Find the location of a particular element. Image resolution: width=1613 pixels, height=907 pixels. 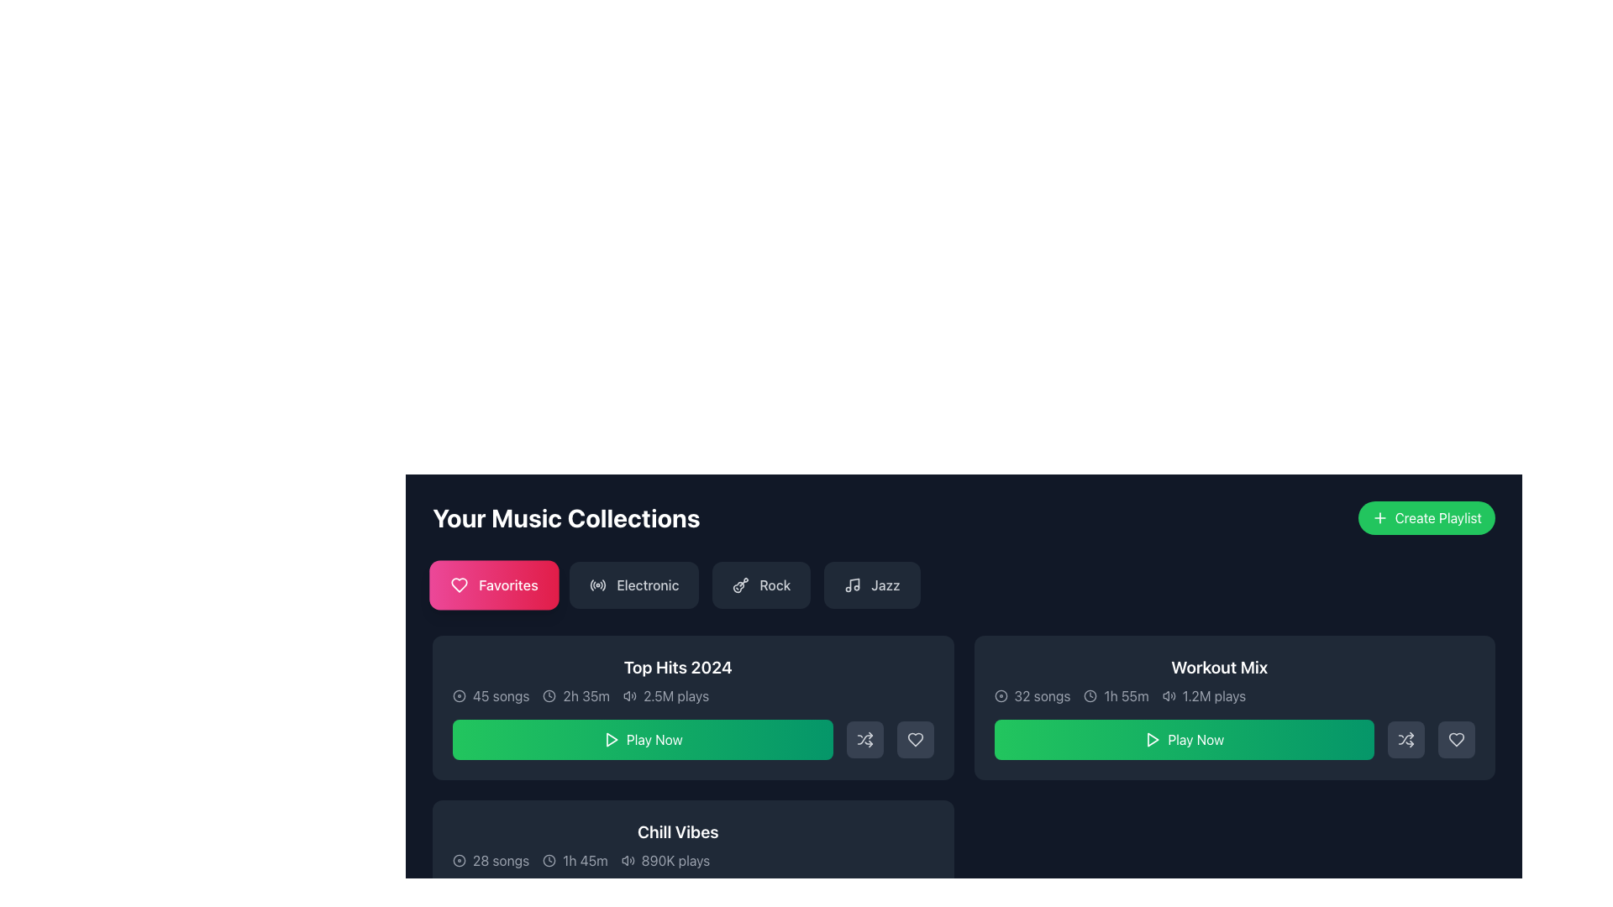

text displayed in the 'Favorites' label, which is styled in white on a pink button-like background is located at coordinates (507, 585).